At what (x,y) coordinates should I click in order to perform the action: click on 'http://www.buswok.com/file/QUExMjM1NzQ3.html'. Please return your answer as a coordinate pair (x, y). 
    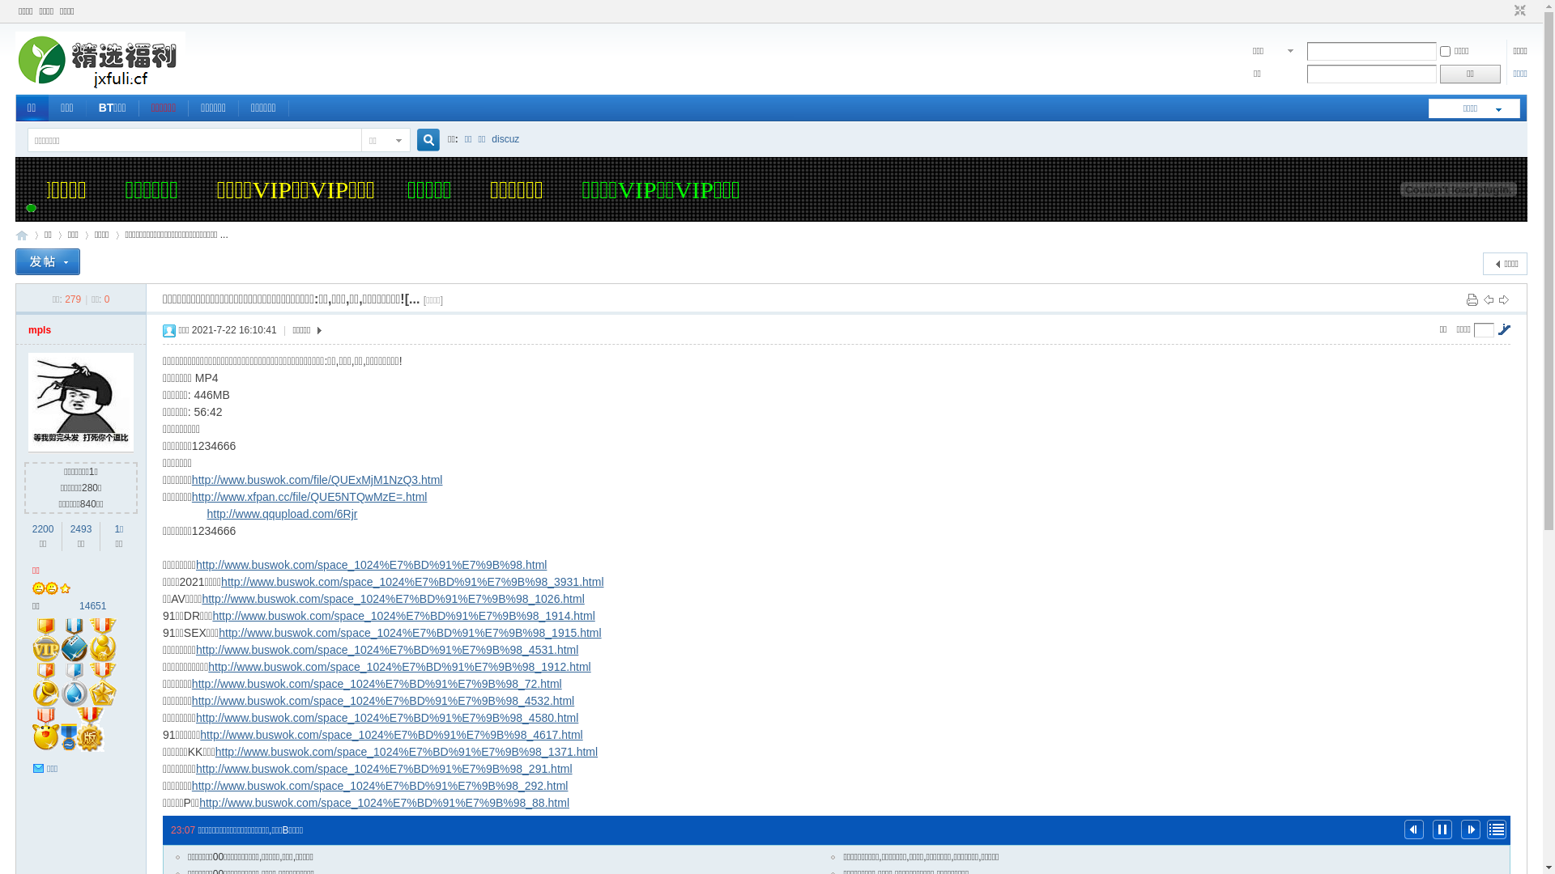
    Looking at the image, I should click on (317, 479).